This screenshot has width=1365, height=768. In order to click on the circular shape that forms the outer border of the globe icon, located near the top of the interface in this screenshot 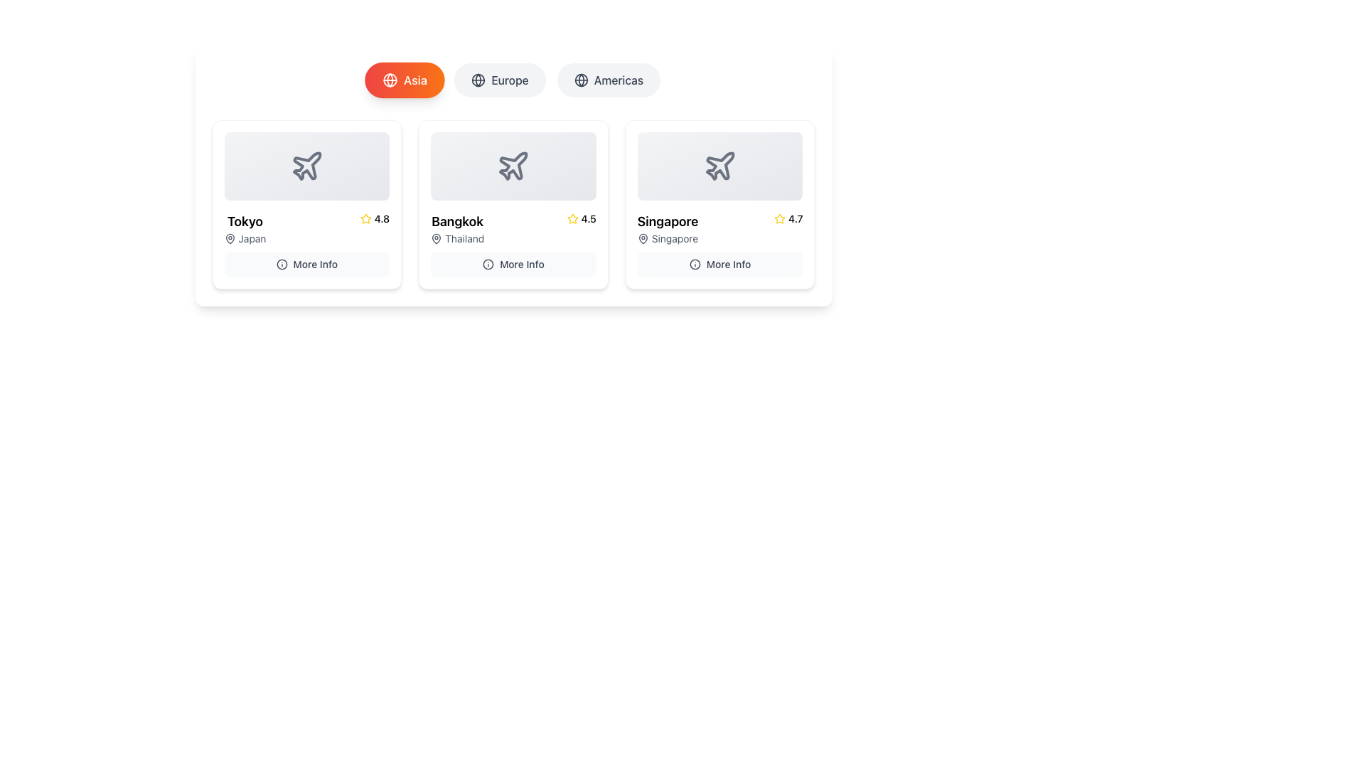, I will do `click(390, 80)`.